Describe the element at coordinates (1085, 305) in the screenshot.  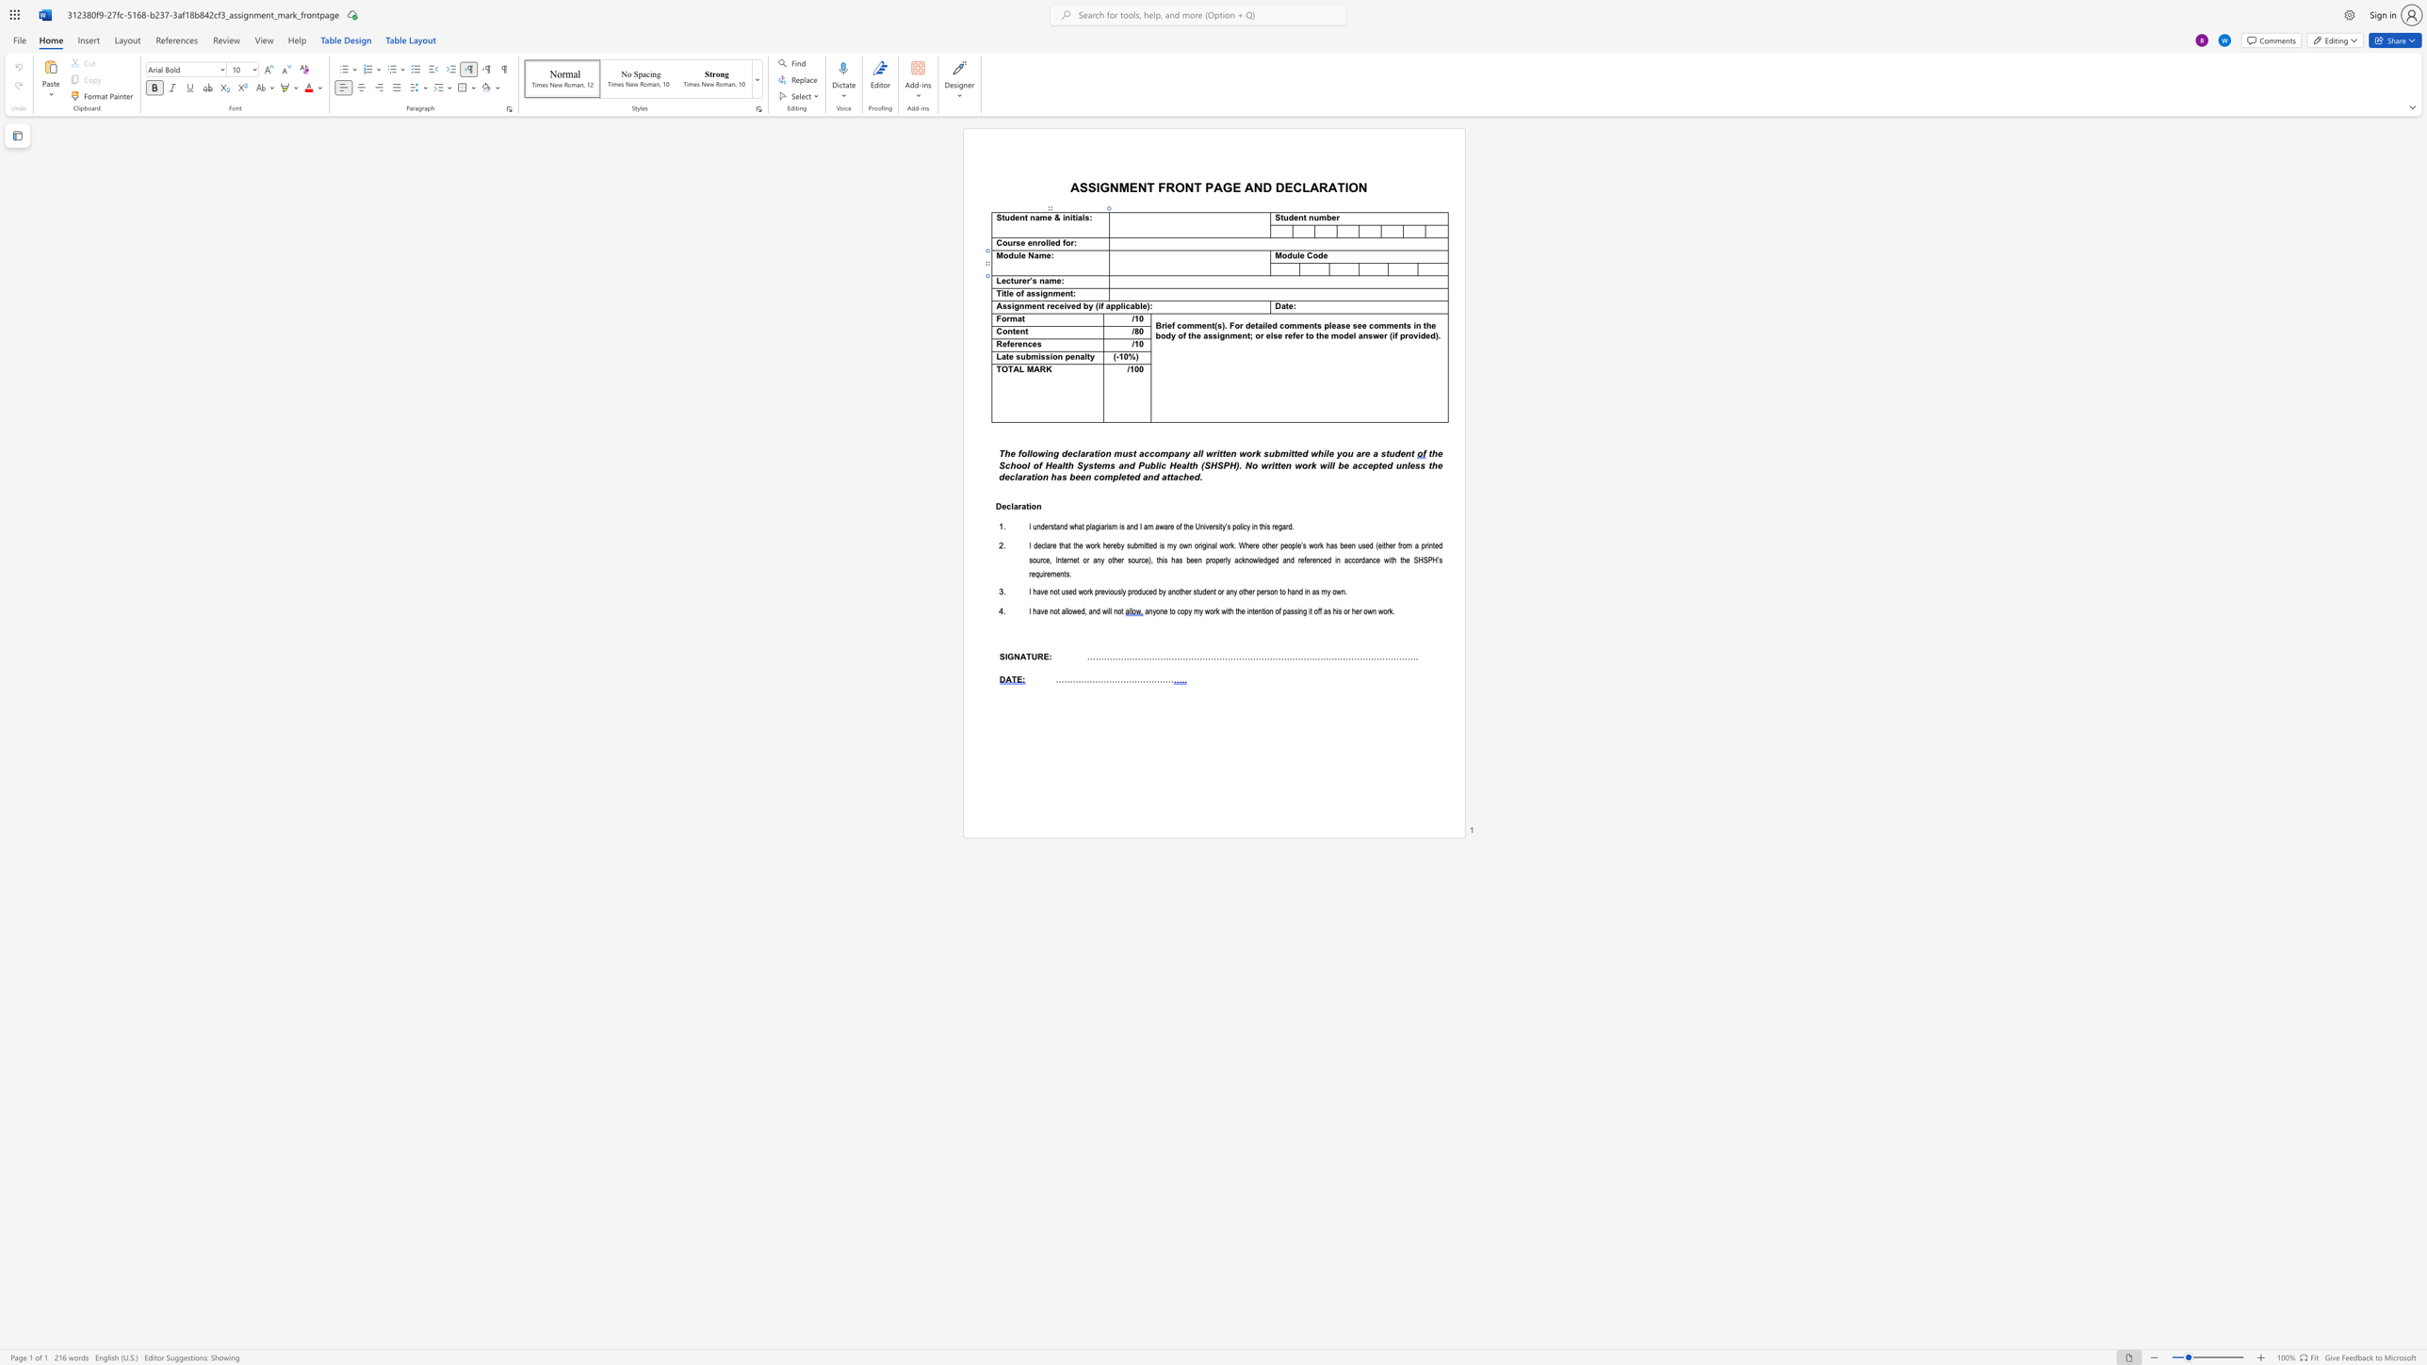
I see `the 1th character "b" in the text` at that location.